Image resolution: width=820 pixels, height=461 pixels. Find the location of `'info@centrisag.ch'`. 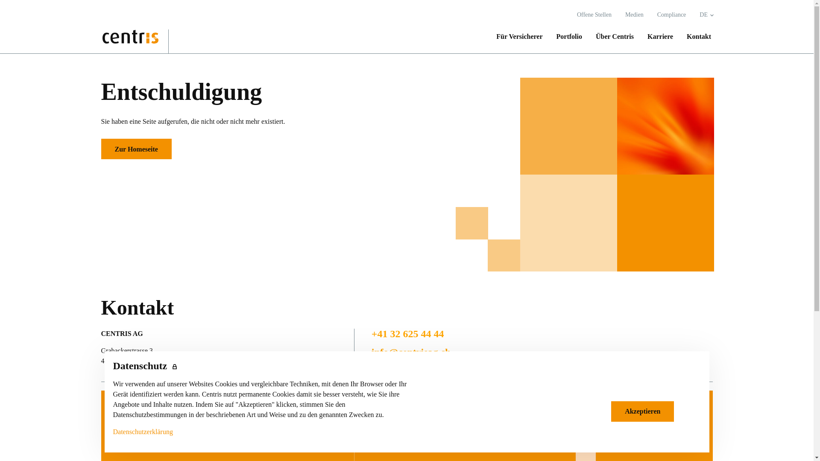

'info@centrisag.ch' is located at coordinates (411, 352).